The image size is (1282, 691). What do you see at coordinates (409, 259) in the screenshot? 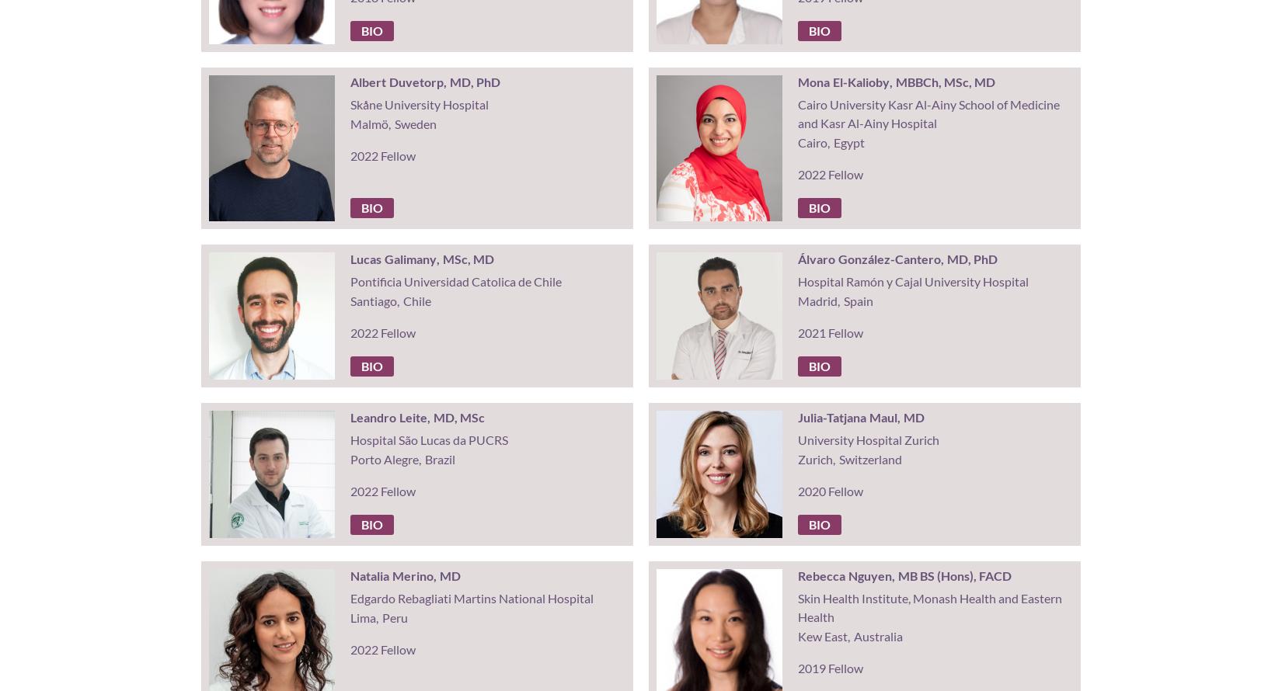
I see `'Galimany'` at bounding box center [409, 259].